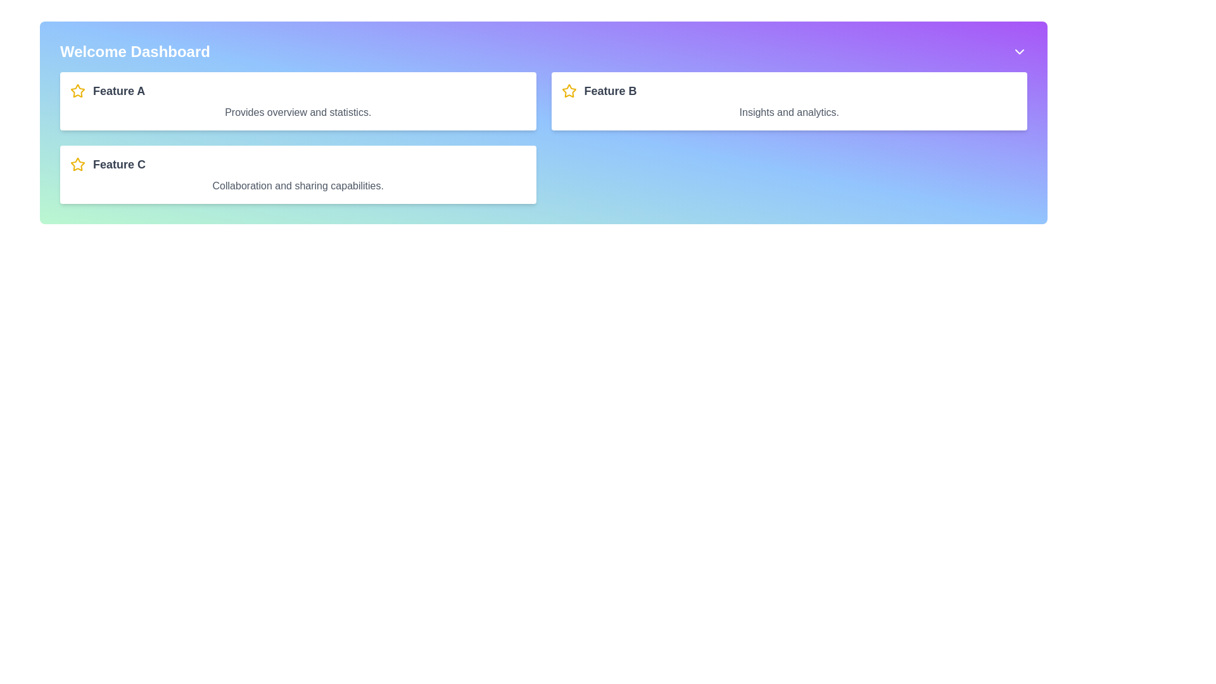  I want to click on the star-shaped yellow icon outlined in black, which represents a rating or highlight symbol, positioned to the left of the 'Feature B' text, so click(568, 90).